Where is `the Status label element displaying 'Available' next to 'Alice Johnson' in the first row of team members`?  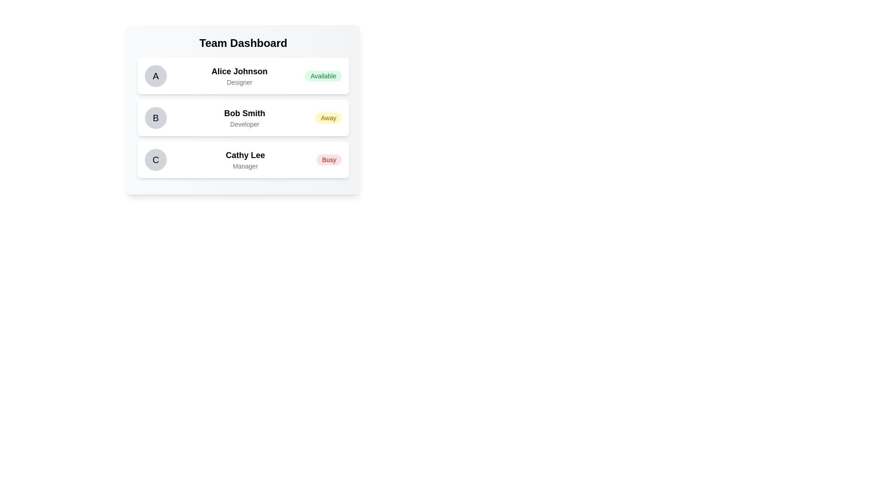
the Status label element displaying 'Available' next to 'Alice Johnson' in the first row of team members is located at coordinates (323, 75).